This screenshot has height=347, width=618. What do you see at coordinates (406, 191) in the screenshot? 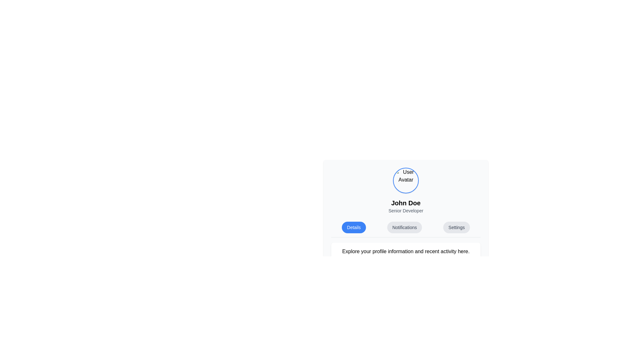
I see `the user's avatar in the Profile Header` at bounding box center [406, 191].